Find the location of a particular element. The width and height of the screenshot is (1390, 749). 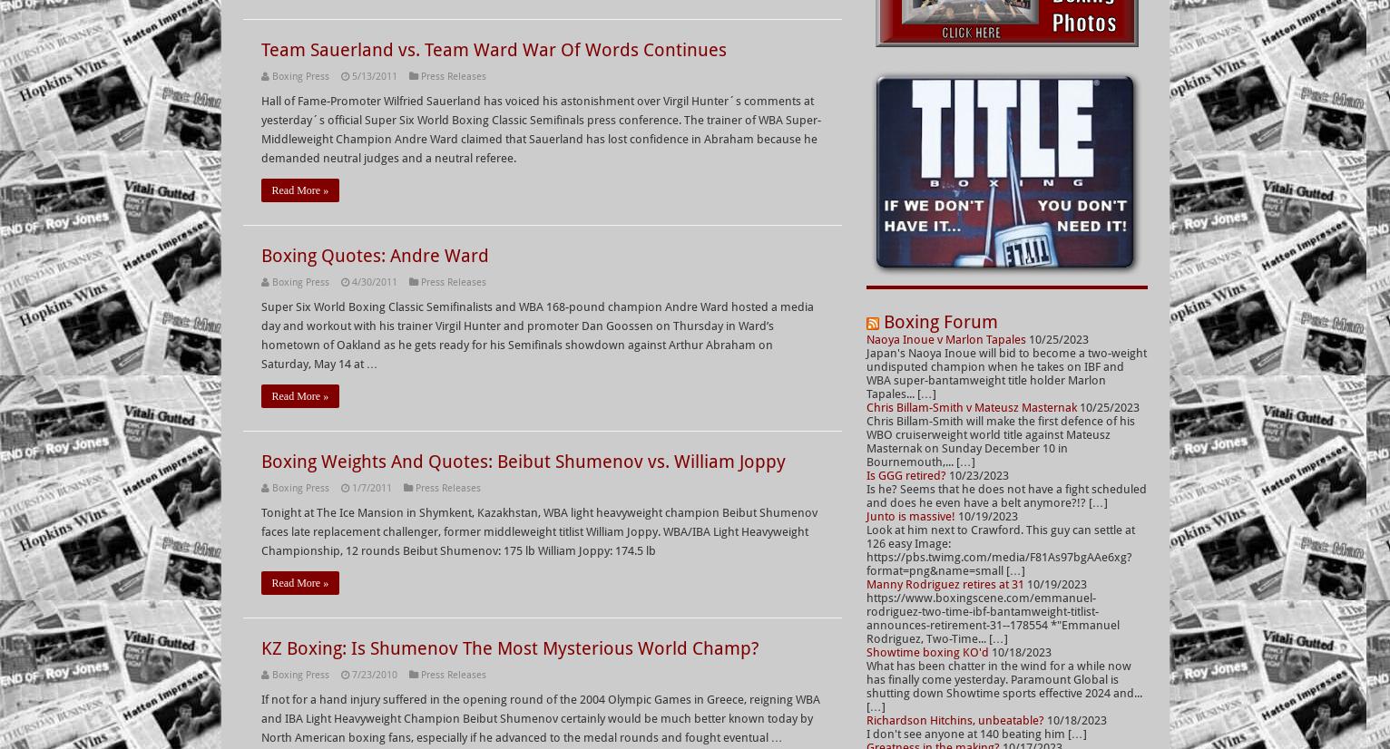

'Chris Billam-Smith v Mateusz Masternak' is located at coordinates (864, 406).